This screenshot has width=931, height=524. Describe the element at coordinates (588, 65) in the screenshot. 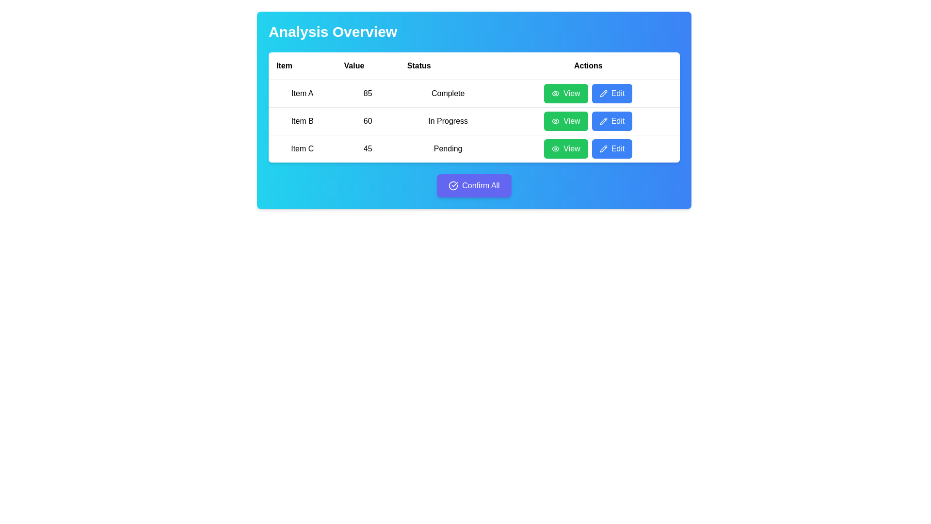

I see `the 'Actions' header in the table, which is the fourth header located at the top-right corner` at that location.